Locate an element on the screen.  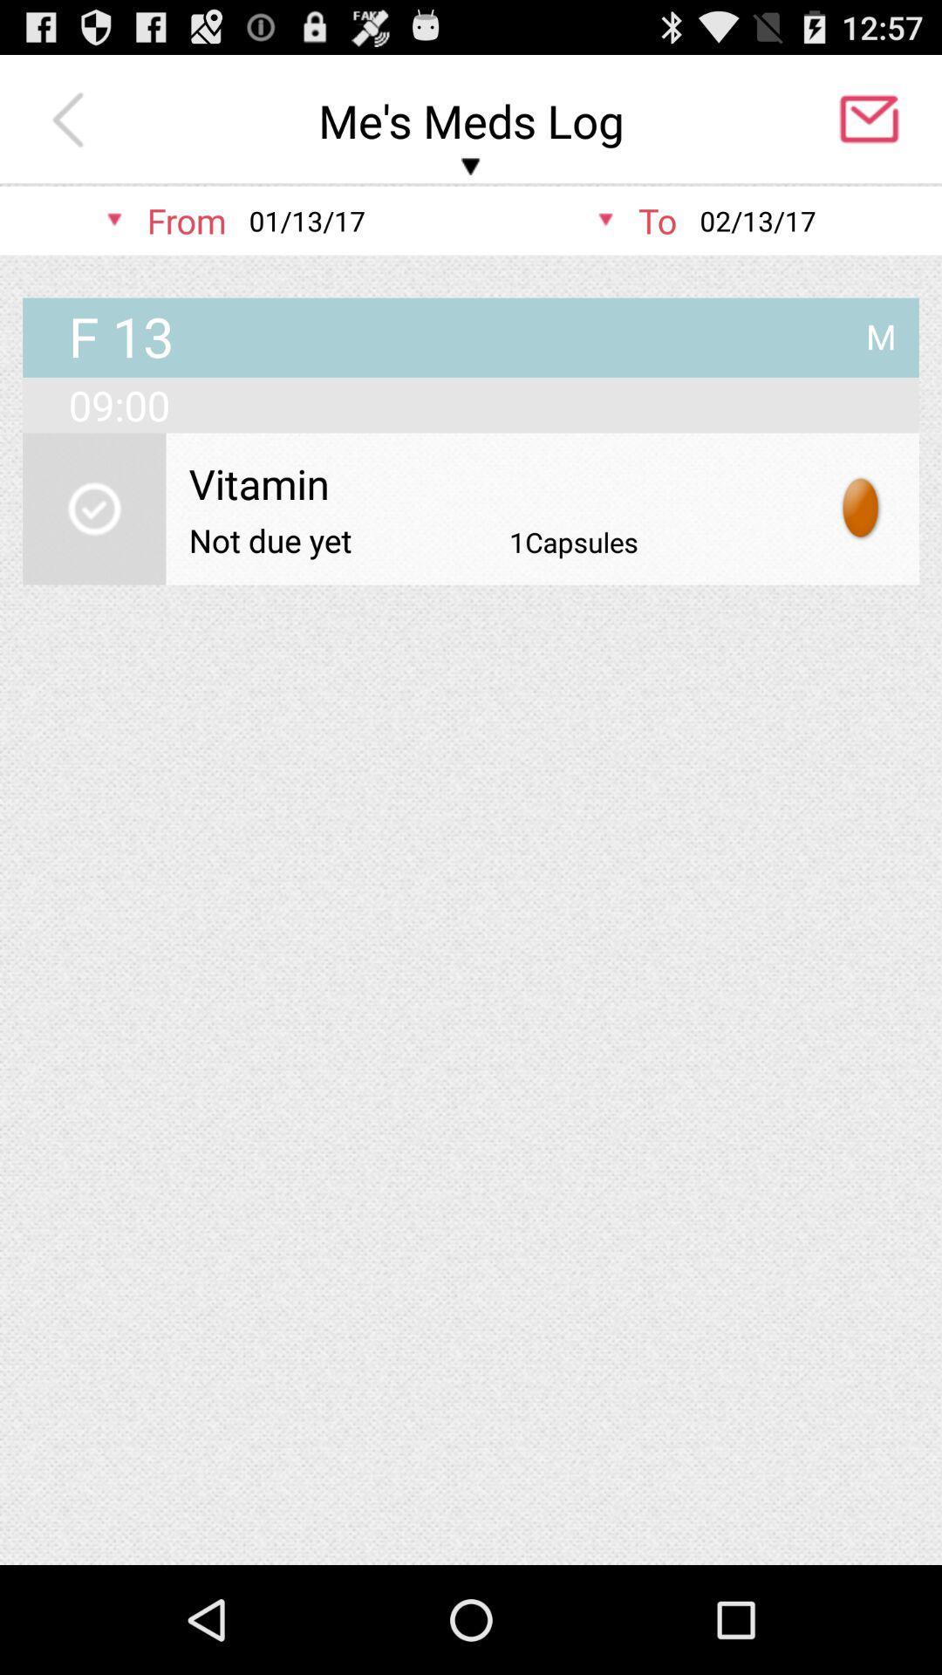
the icon above 09:00 app is located at coordinates (881, 330).